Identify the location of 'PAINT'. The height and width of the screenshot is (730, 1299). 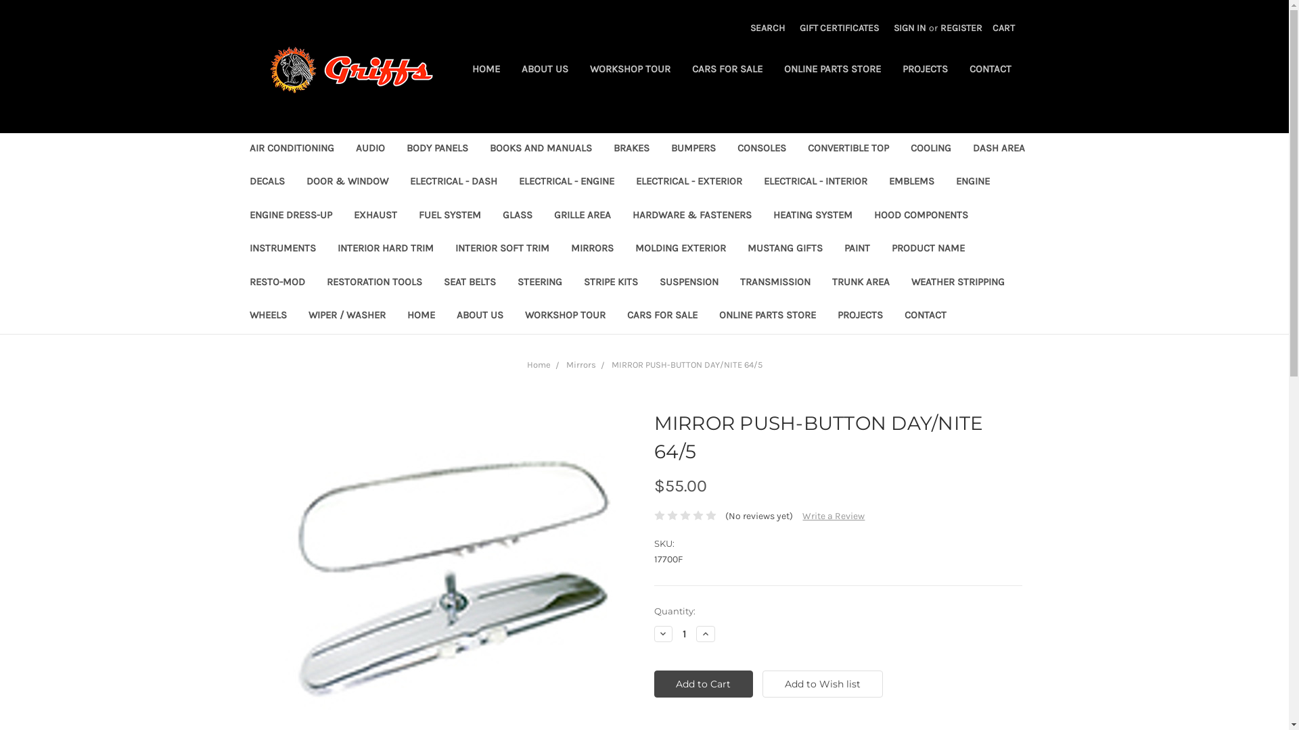
(857, 249).